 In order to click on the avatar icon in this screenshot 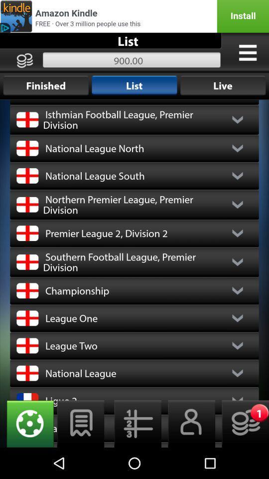, I will do `click(188, 454)`.